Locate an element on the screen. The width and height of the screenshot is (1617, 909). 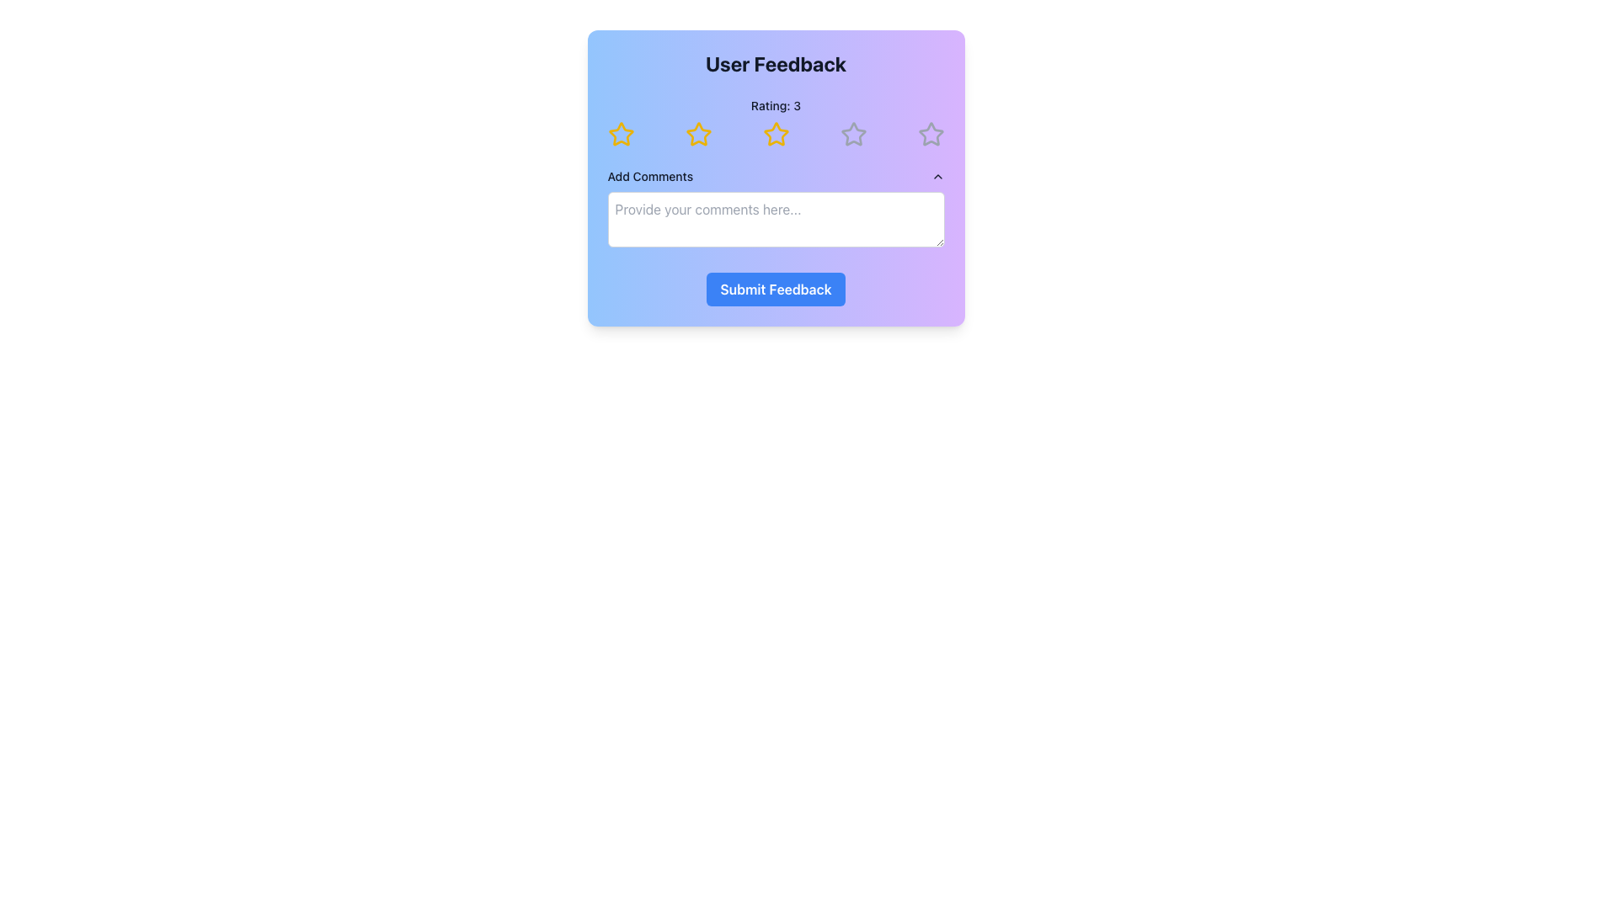
the first star rating icon is located at coordinates (620, 133).